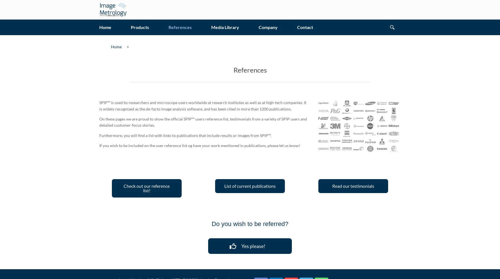 The height and width of the screenshot is (279, 500). Describe the element at coordinates (353, 186) in the screenshot. I see `'Read our testimonials'` at that location.